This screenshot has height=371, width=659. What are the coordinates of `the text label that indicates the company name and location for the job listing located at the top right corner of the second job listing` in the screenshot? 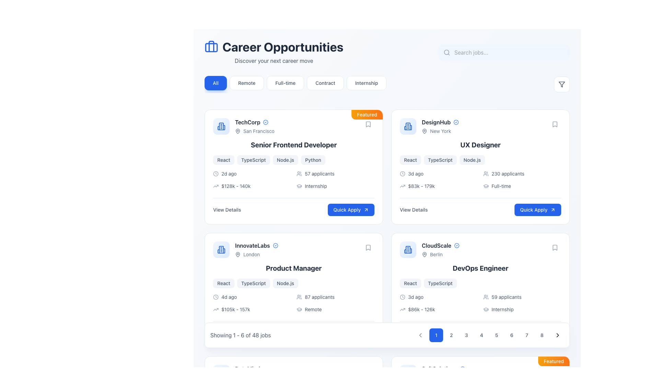 It's located at (440, 126).